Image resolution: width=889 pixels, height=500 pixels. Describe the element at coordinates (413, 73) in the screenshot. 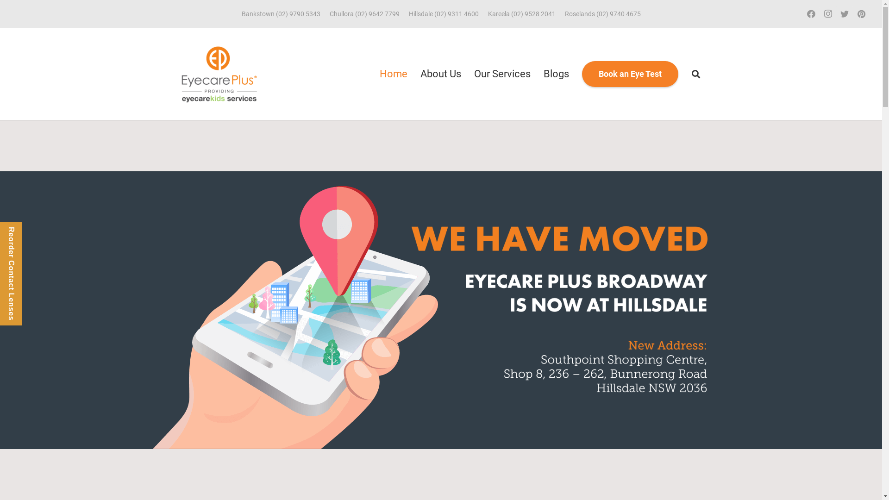

I see `'About Us'` at that location.